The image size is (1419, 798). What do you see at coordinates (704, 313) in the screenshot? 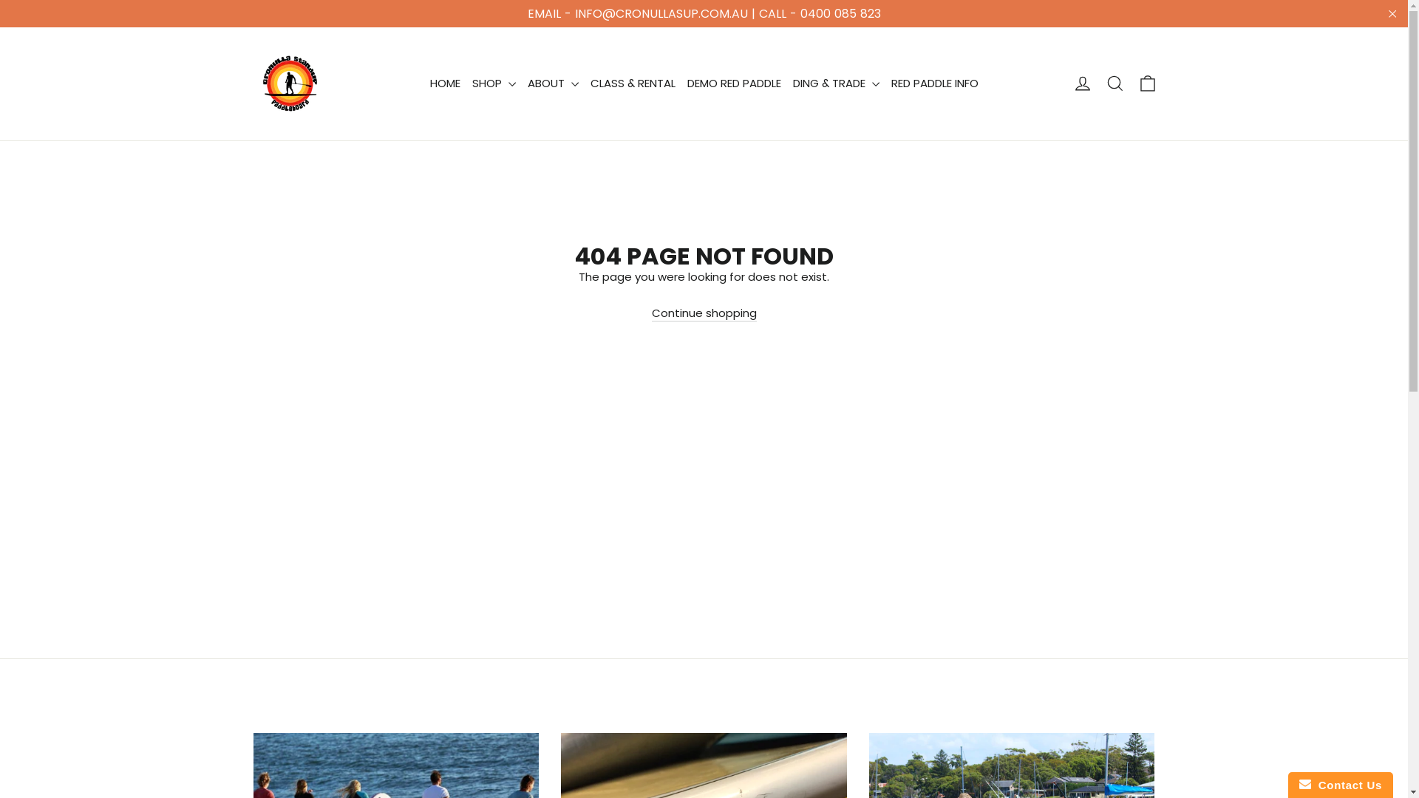
I see `'Continue shopping'` at bounding box center [704, 313].